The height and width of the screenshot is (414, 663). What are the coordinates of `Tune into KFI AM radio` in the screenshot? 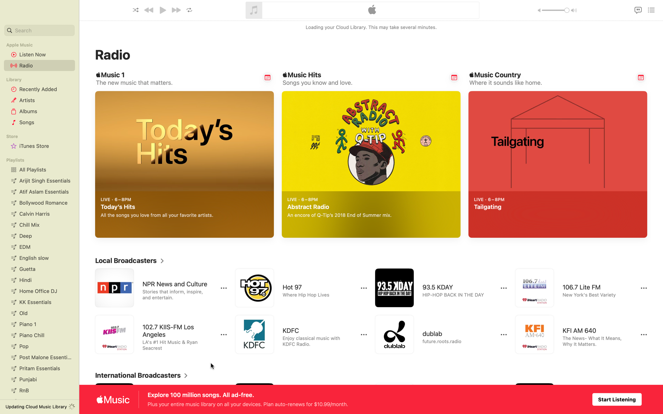 It's located at (576, 335).